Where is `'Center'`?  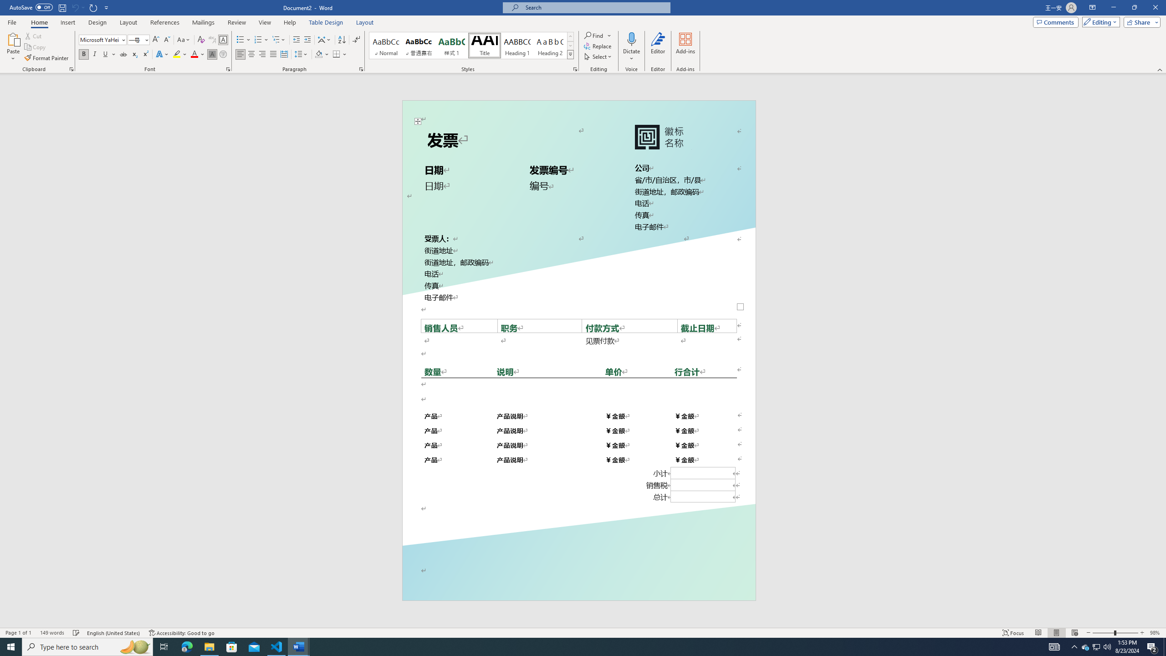 'Center' is located at coordinates (251, 54).